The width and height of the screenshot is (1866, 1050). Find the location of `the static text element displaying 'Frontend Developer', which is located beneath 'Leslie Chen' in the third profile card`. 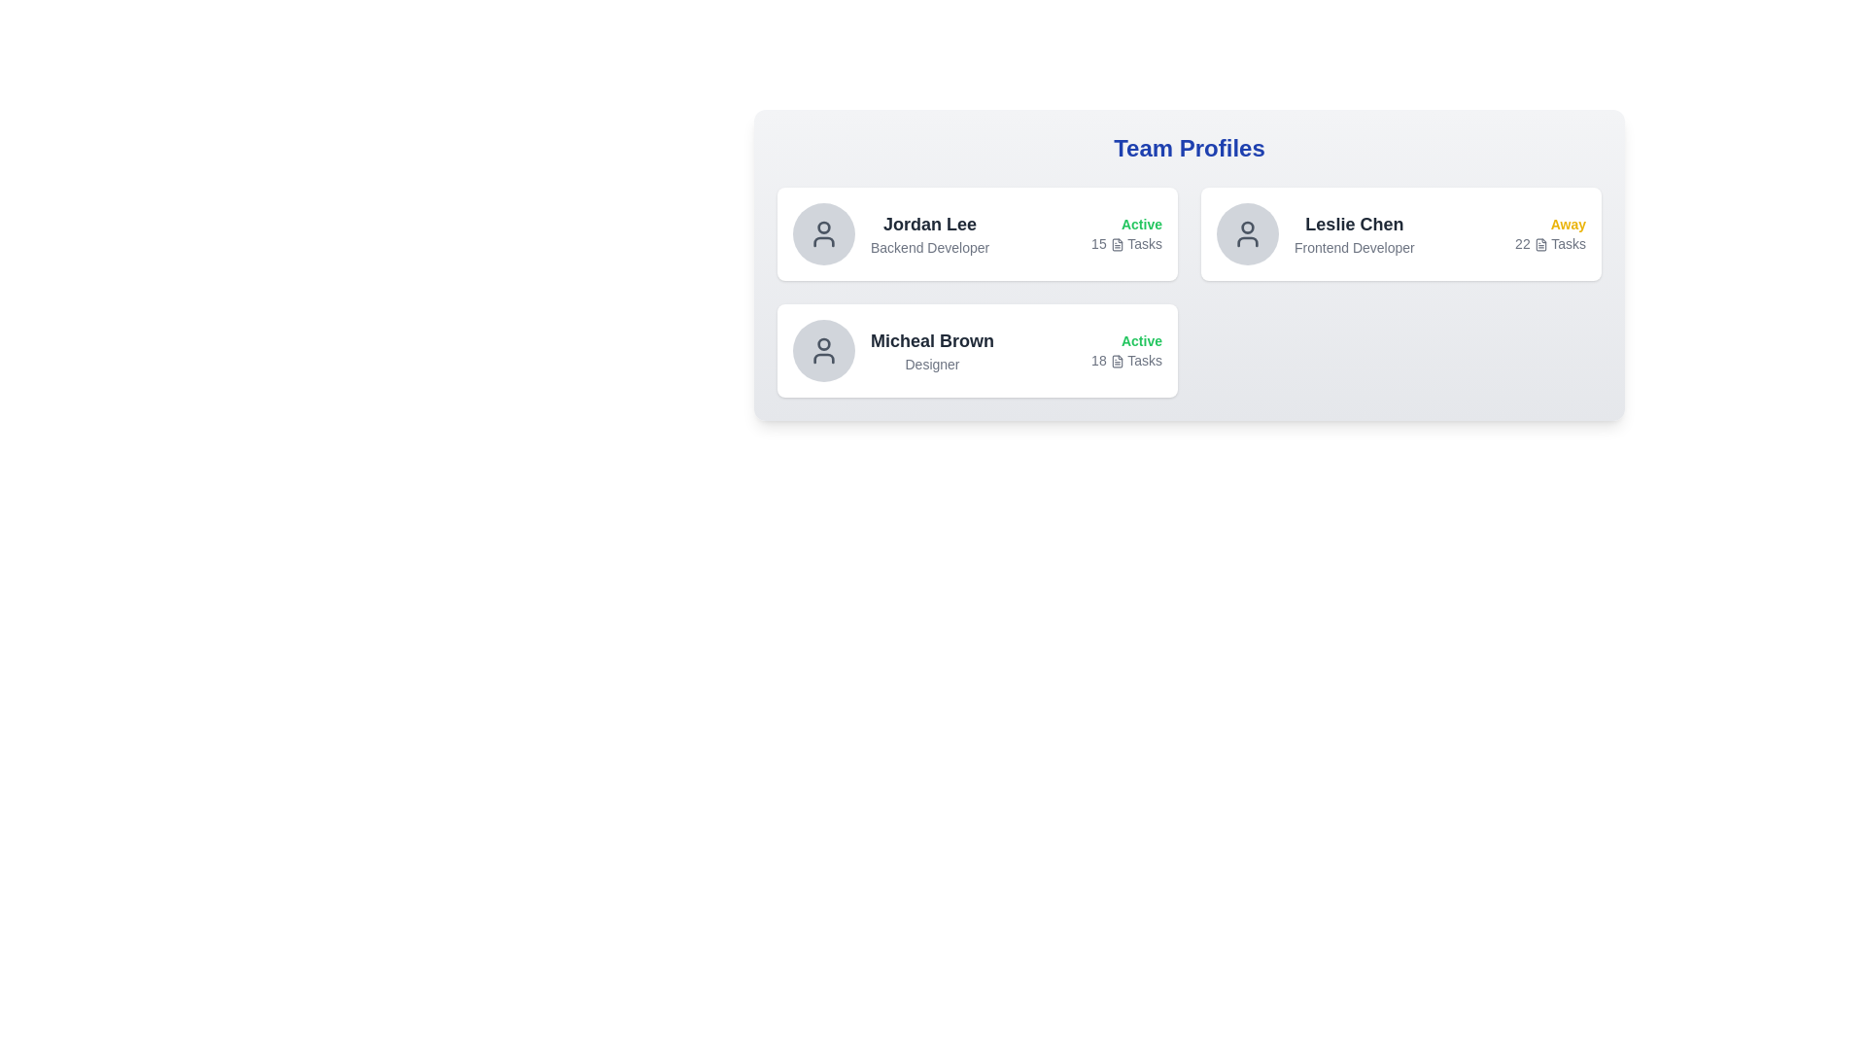

the static text element displaying 'Frontend Developer', which is located beneath 'Leslie Chen' in the third profile card is located at coordinates (1353, 246).